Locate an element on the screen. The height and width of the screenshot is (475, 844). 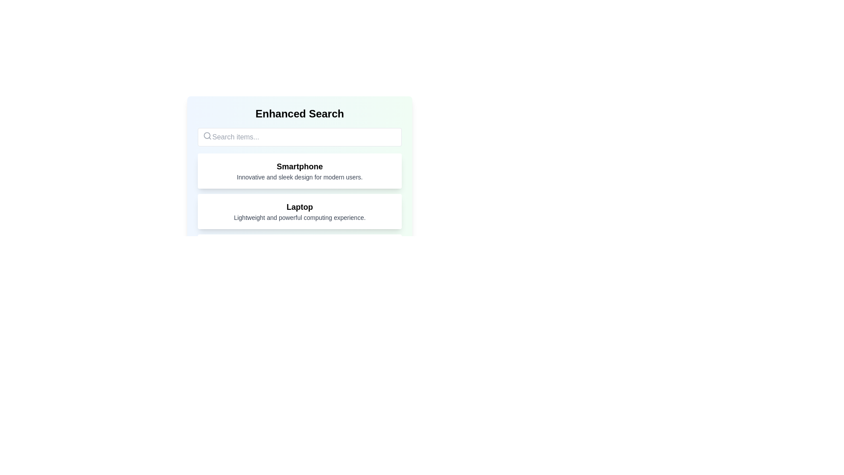
the Text Label that serves as a heading for the card's content, positioned above the search bar and centered horizontally at the top of the interface is located at coordinates (299, 113).